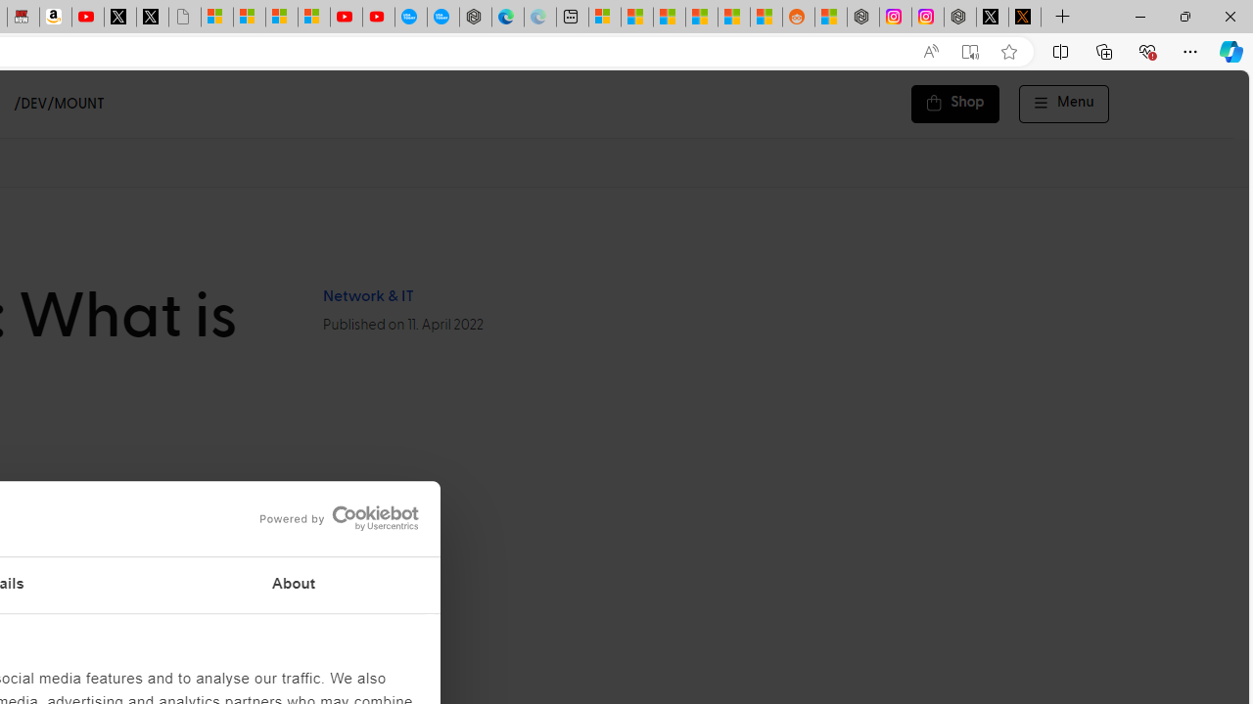 This screenshot has width=1253, height=704. What do you see at coordinates (1063, 104) in the screenshot?
I see `'Menu Off-Canvas'` at bounding box center [1063, 104].